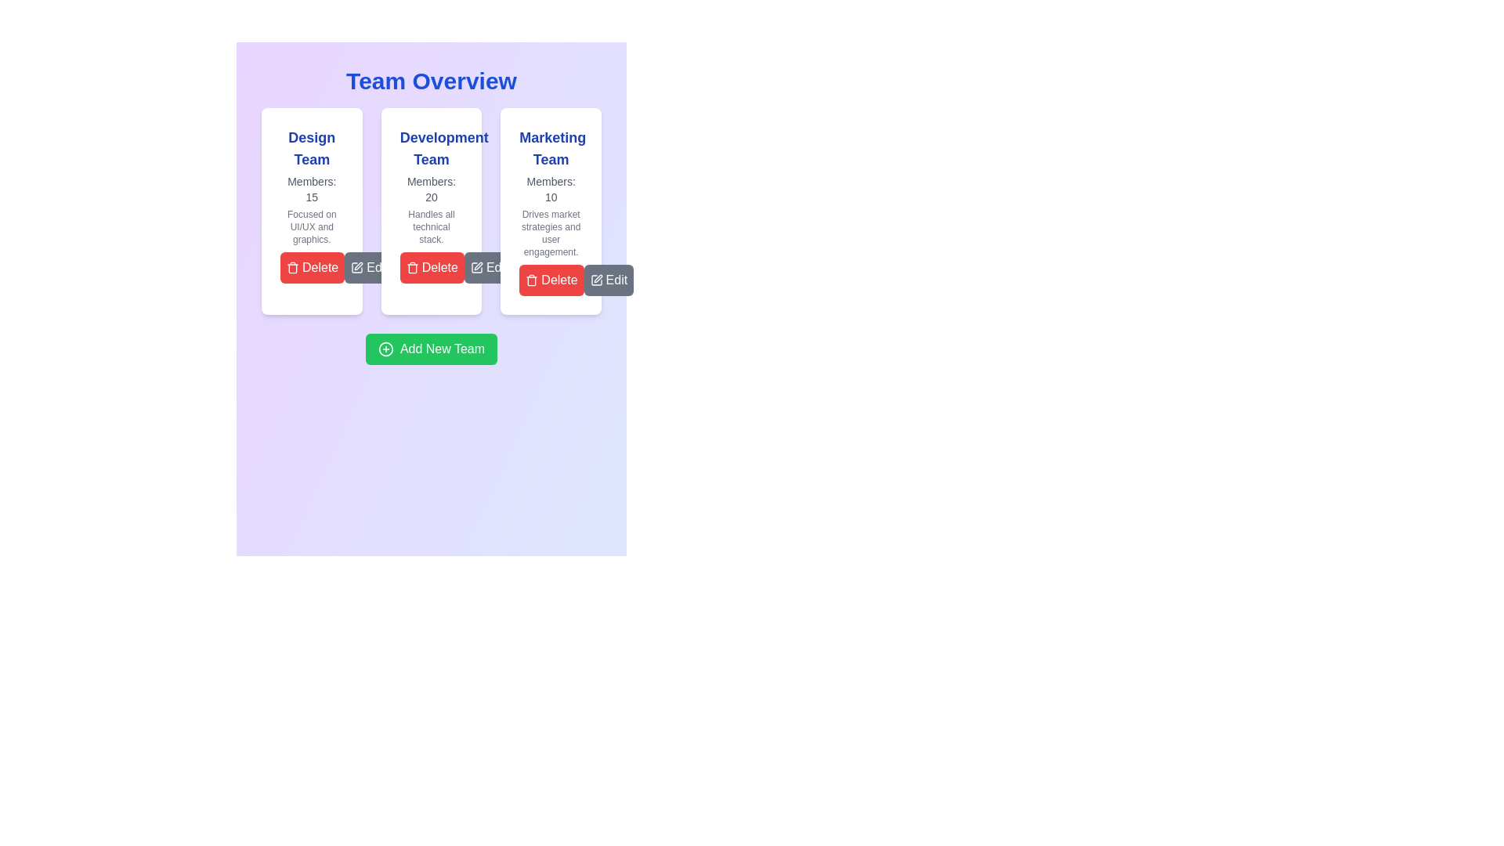  I want to click on the red 'Delete' button with a white trash icon located at the bottom-right section of the 'Marketing Team' card, so click(551, 280).